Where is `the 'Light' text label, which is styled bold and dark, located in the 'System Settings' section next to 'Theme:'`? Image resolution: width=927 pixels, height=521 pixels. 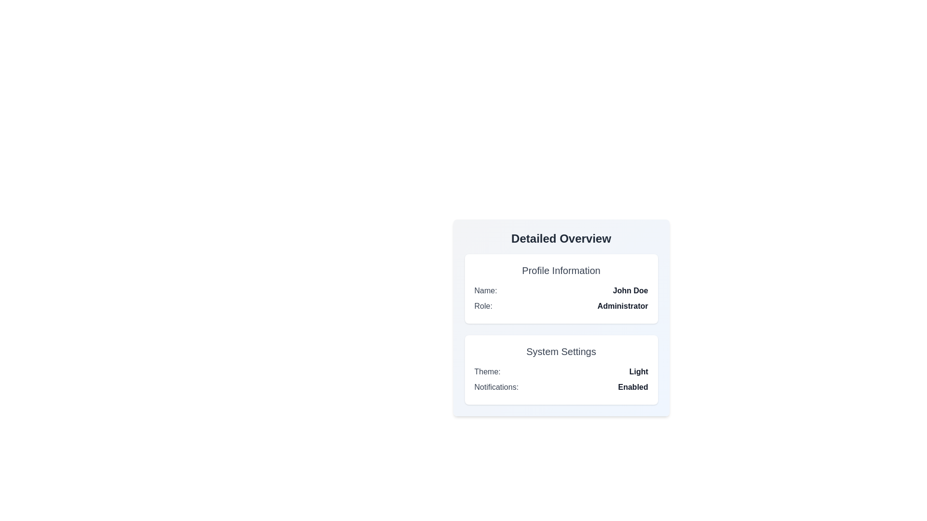 the 'Light' text label, which is styled bold and dark, located in the 'System Settings' section next to 'Theme:' is located at coordinates (638, 371).